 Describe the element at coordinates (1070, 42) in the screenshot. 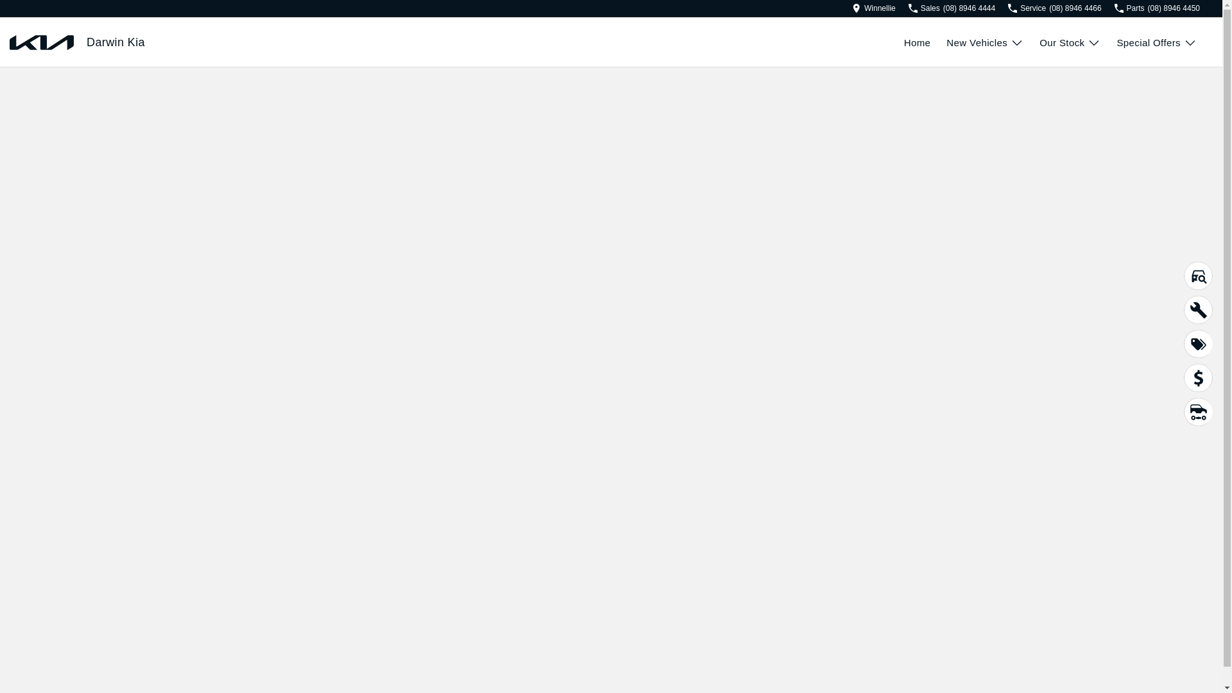

I see `'Our Stock'` at that location.